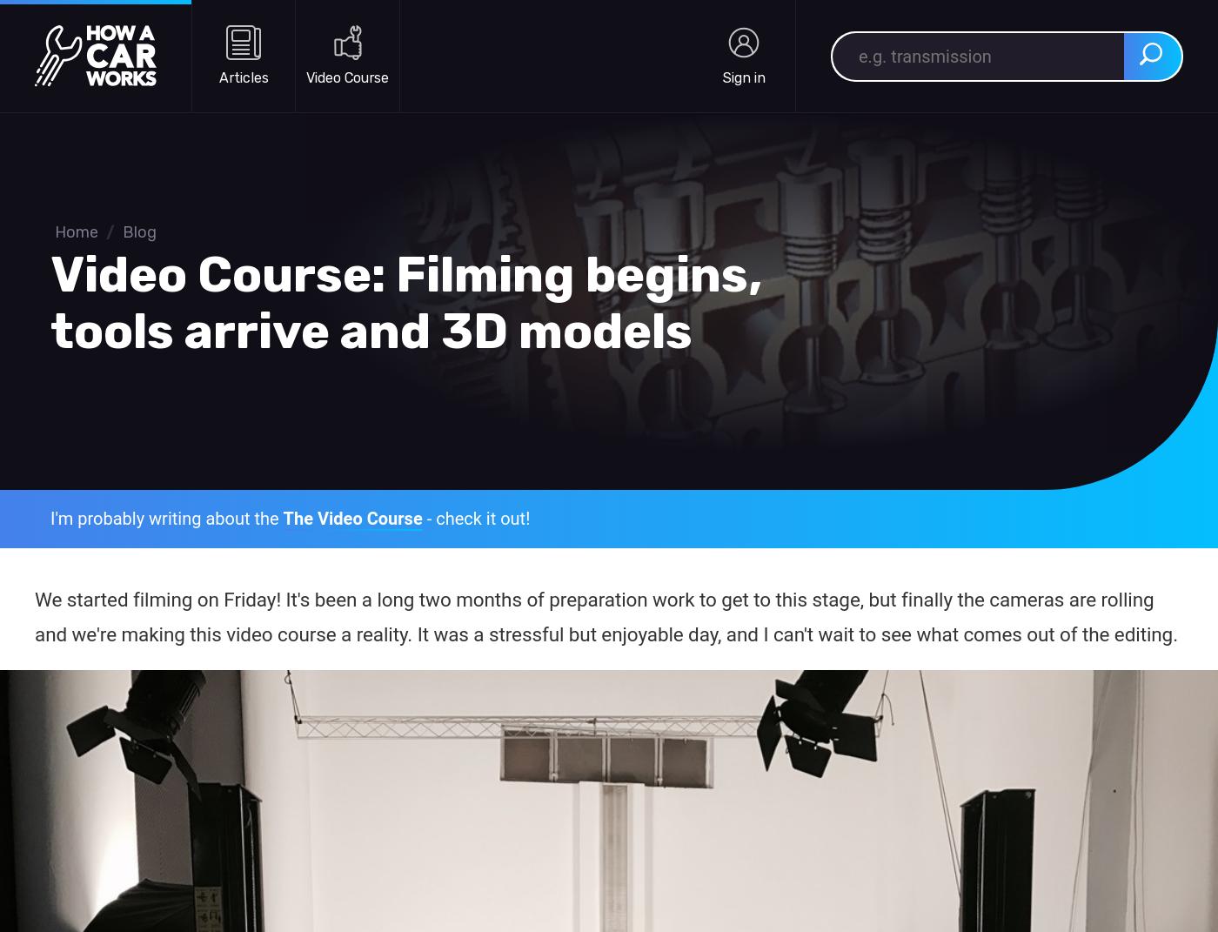  Describe the element at coordinates (166, 519) in the screenshot. I see `'I'm probably writing about the'` at that location.